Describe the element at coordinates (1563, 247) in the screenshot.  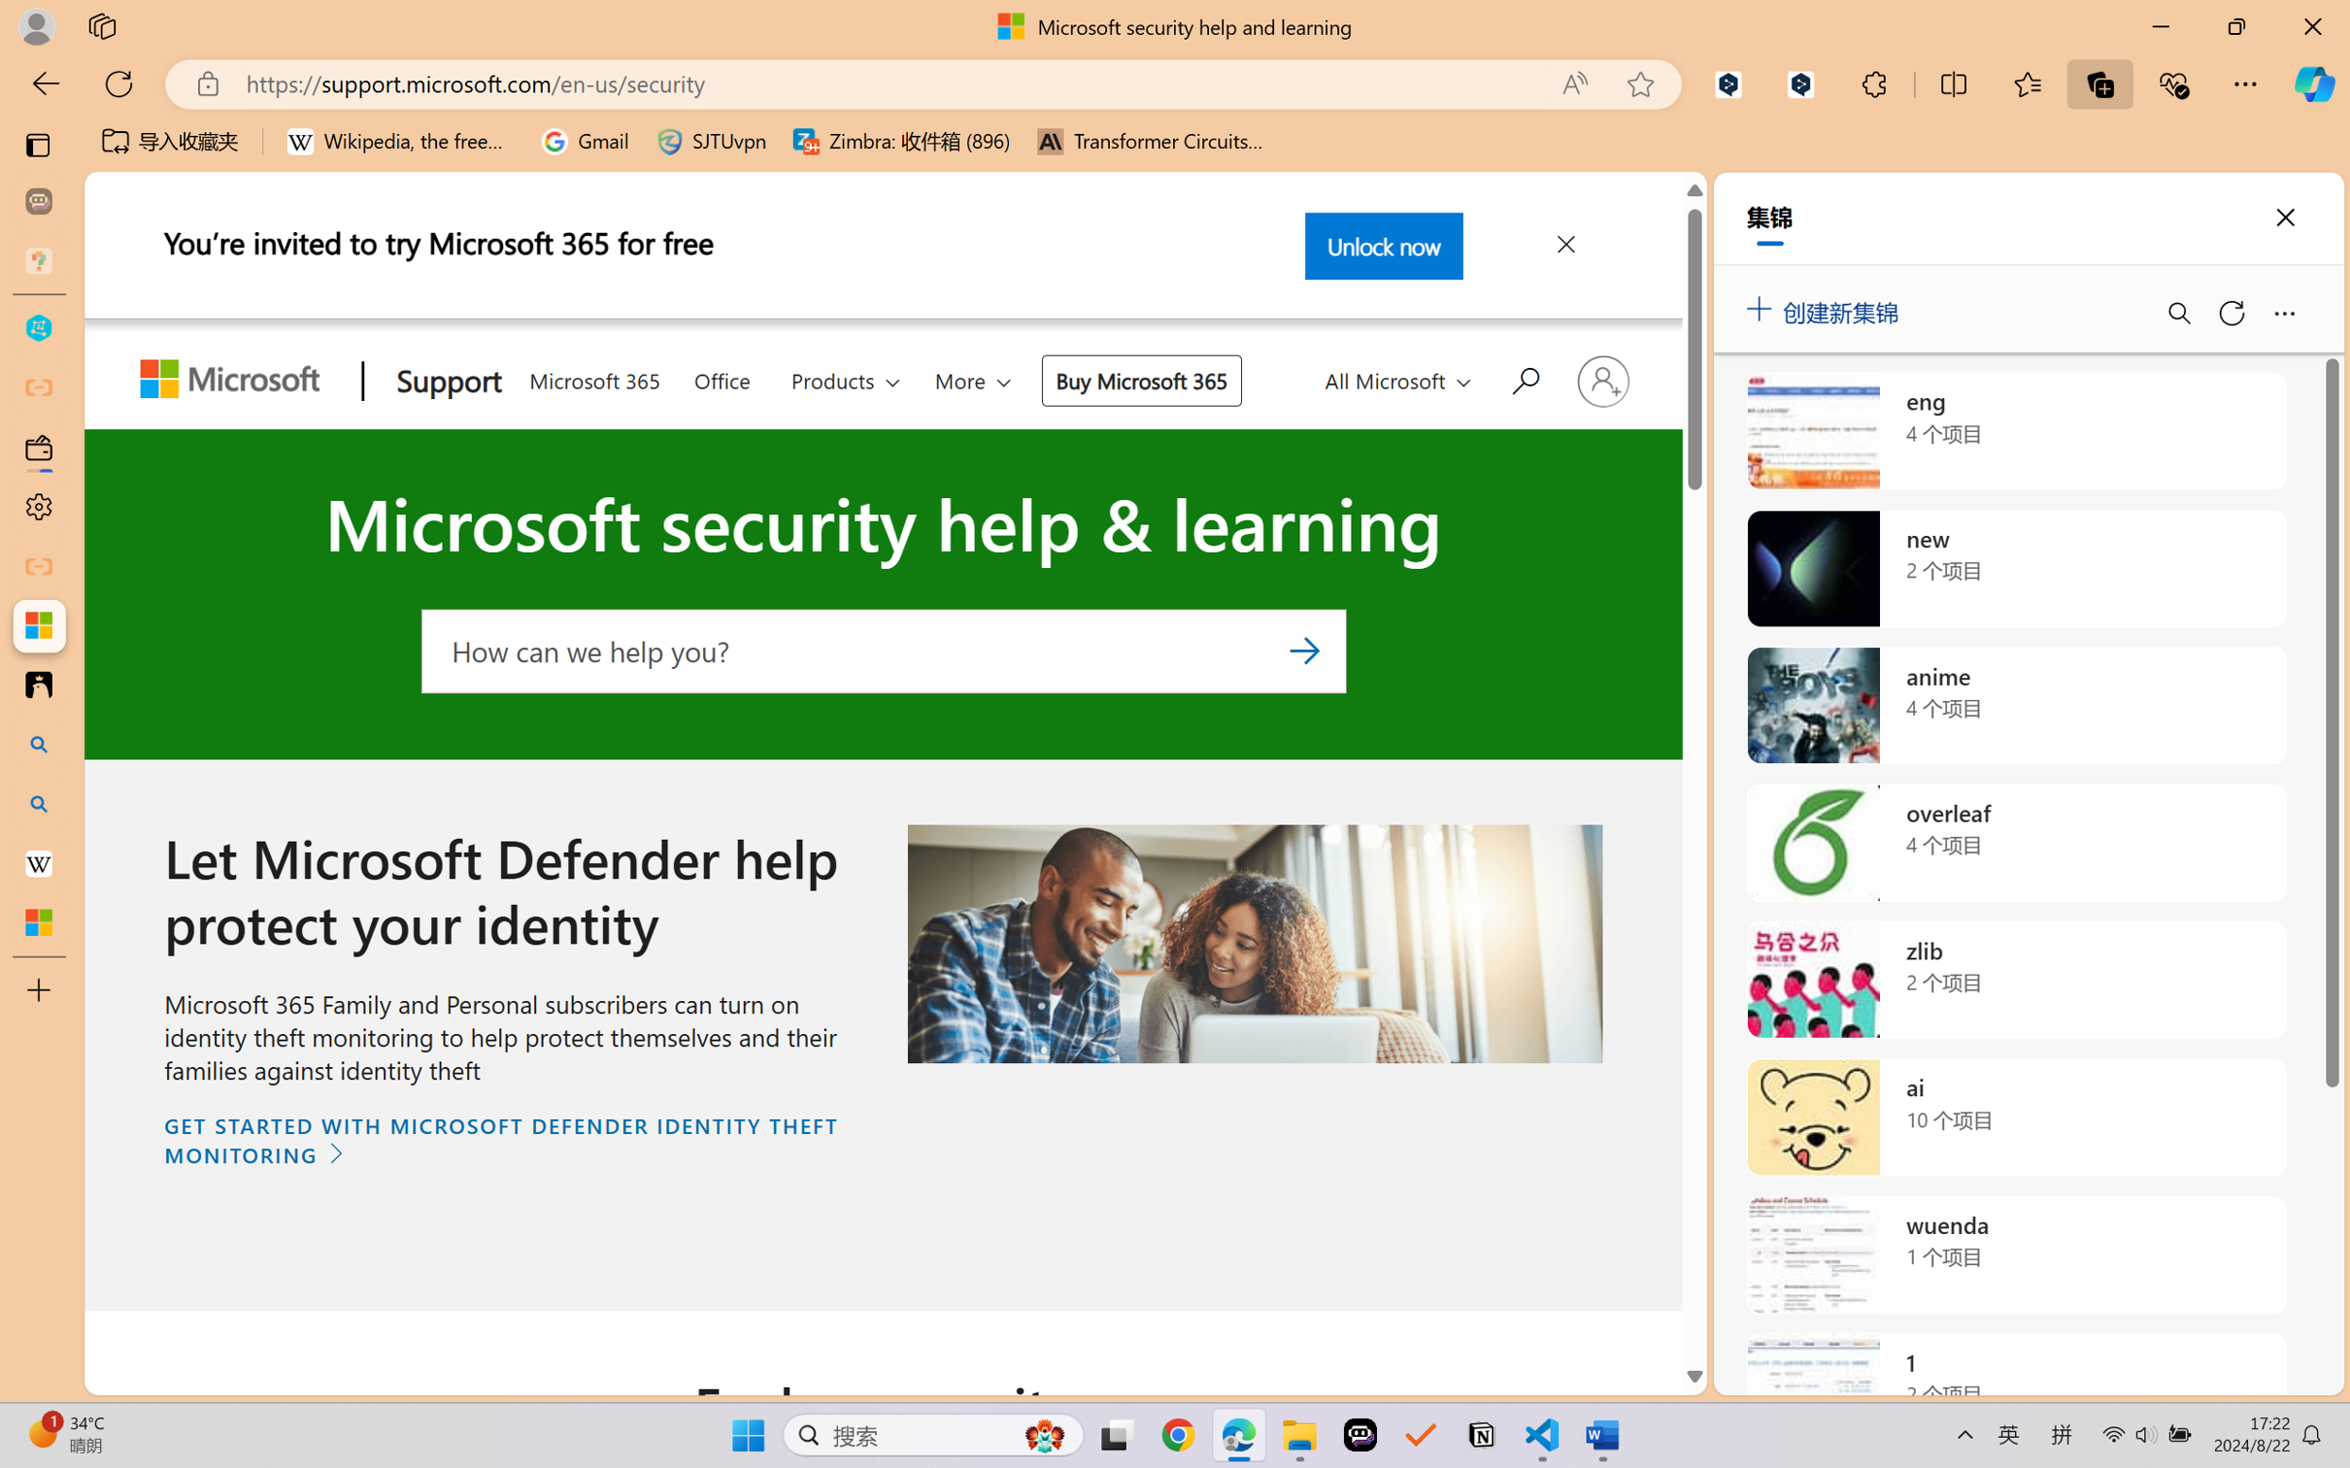
I see `'Close Ad'` at that location.